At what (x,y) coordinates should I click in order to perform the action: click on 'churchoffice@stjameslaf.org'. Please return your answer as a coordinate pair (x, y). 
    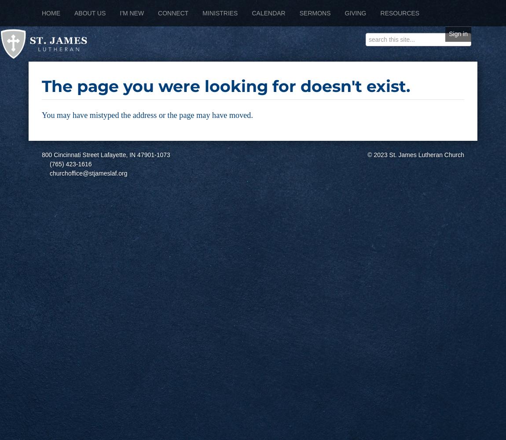
    Looking at the image, I should click on (87, 173).